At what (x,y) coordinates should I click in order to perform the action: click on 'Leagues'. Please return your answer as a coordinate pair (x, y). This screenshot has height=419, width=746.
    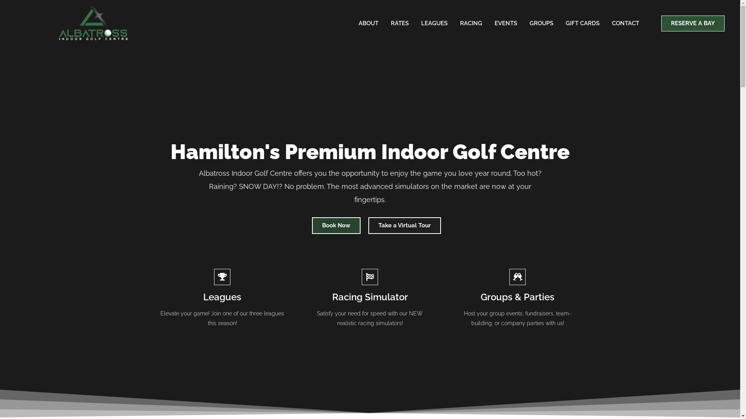
    Looking at the image, I should click on (221, 297).